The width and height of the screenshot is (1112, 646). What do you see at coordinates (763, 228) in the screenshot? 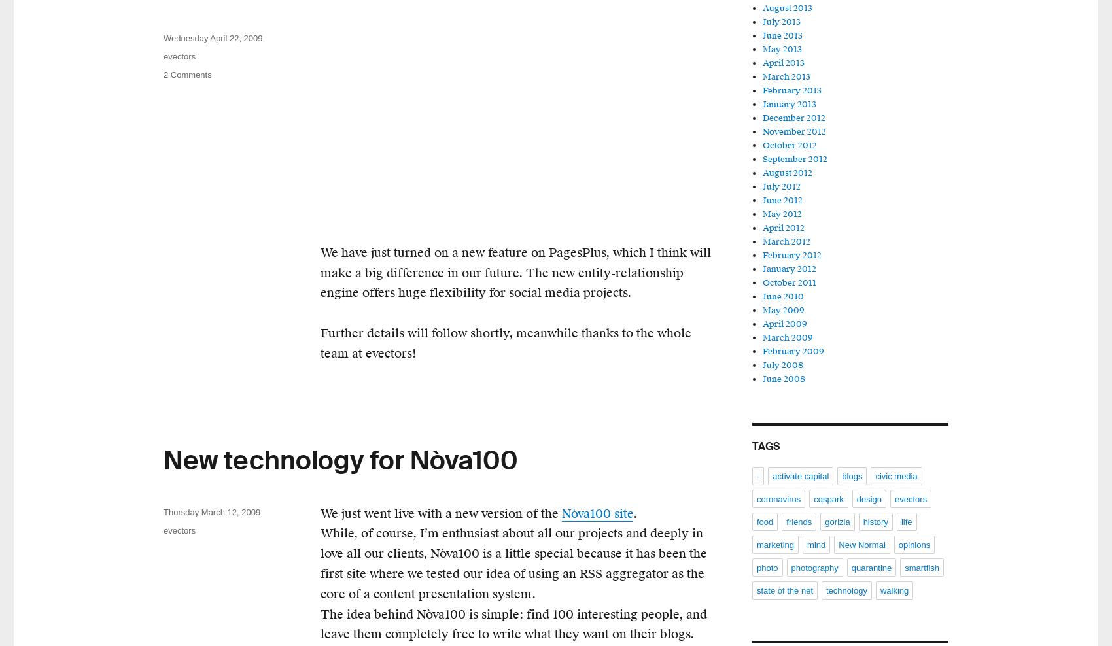
I see `'April 2012'` at bounding box center [763, 228].